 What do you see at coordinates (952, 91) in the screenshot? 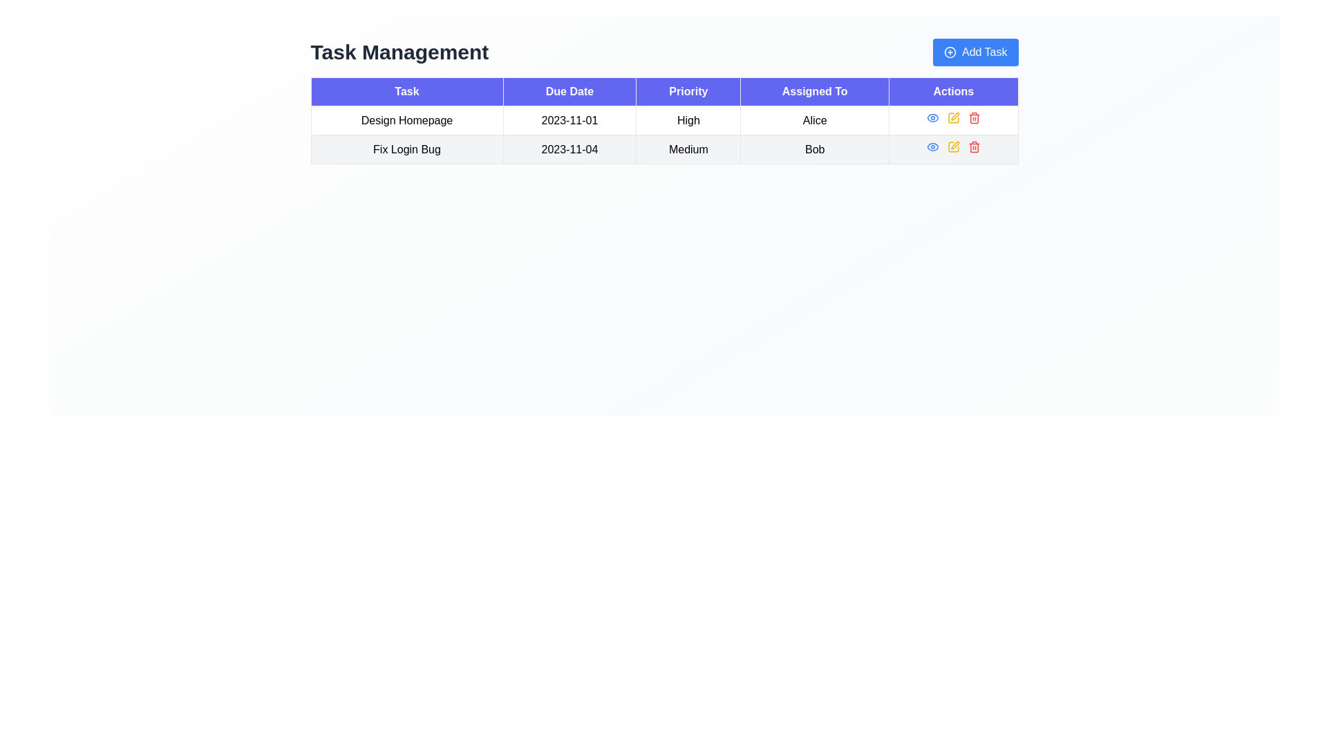
I see `the 'Actions' column header in the table layout, which is the last column heading positioned to the right of the 'Assigned To' column heading` at bounding box center [952, 91].